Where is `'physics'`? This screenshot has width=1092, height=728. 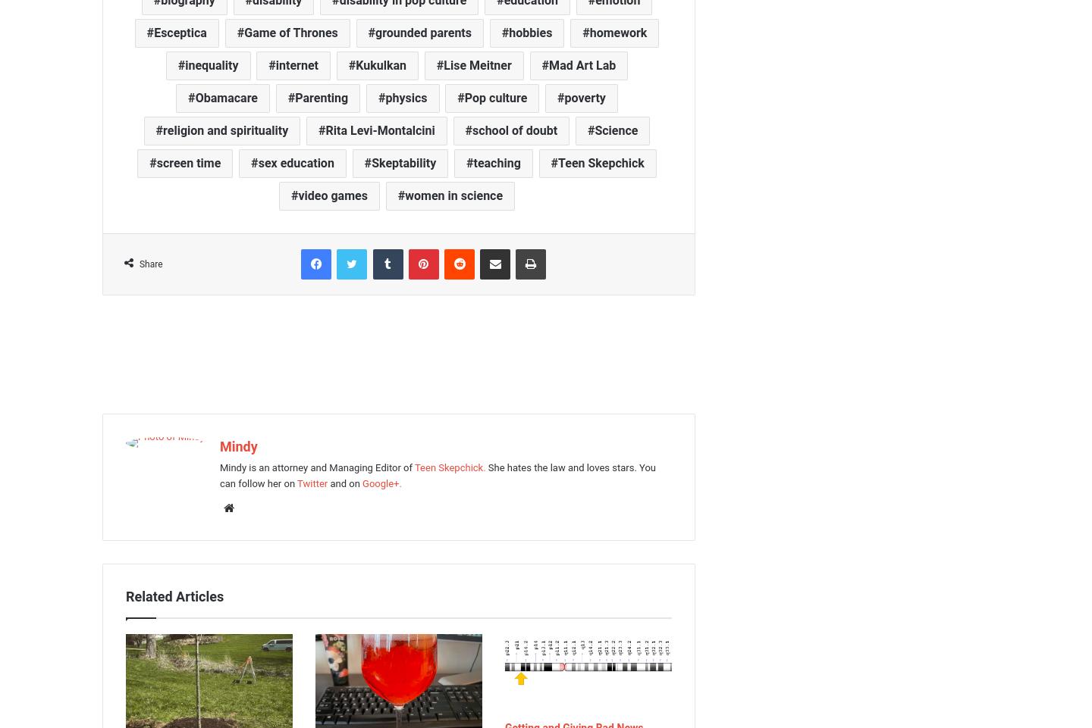
'physics' is located at coordinates (384, 96).